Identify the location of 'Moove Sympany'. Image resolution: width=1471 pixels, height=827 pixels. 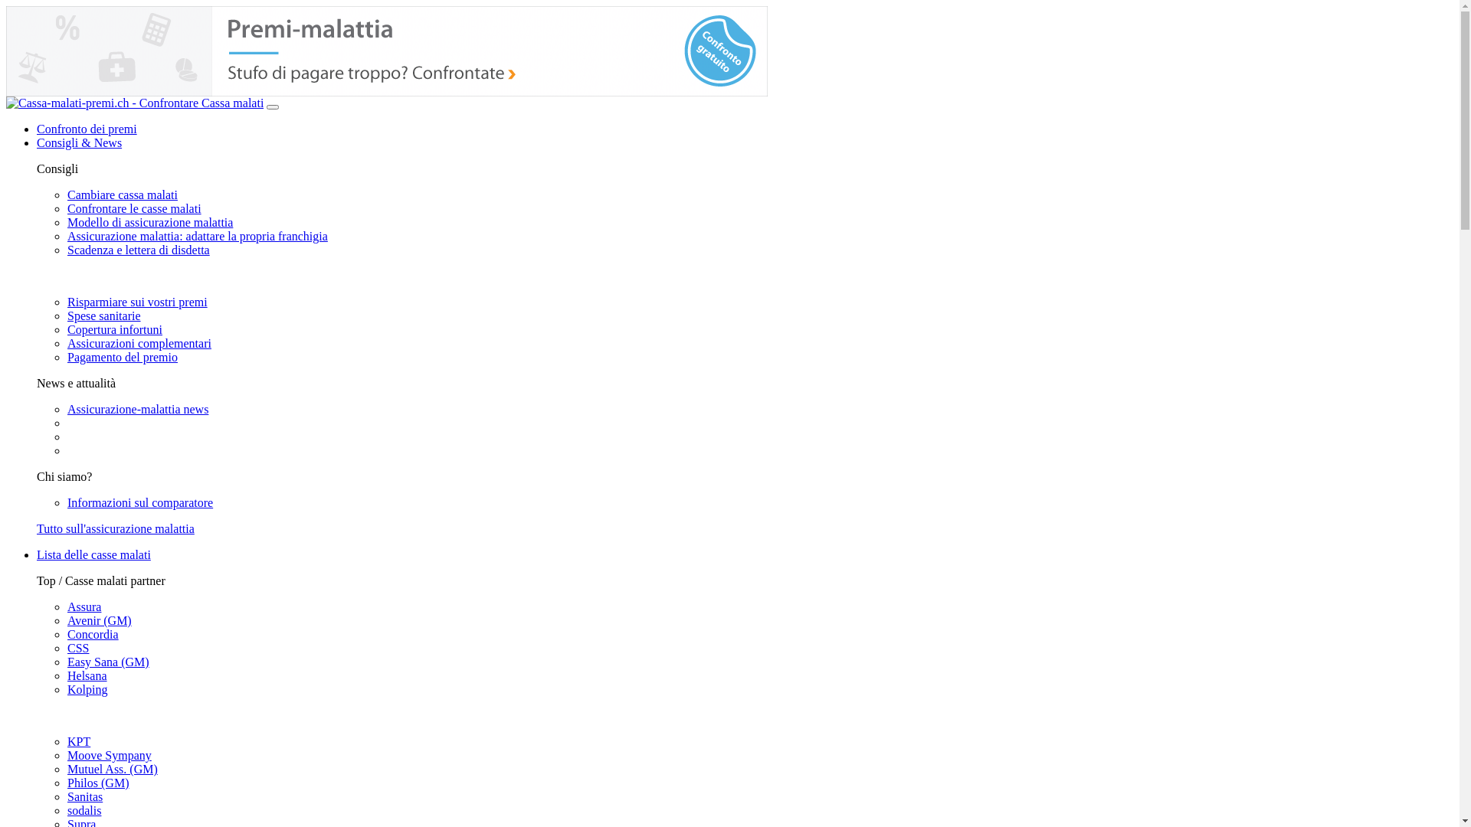
(109, 754).